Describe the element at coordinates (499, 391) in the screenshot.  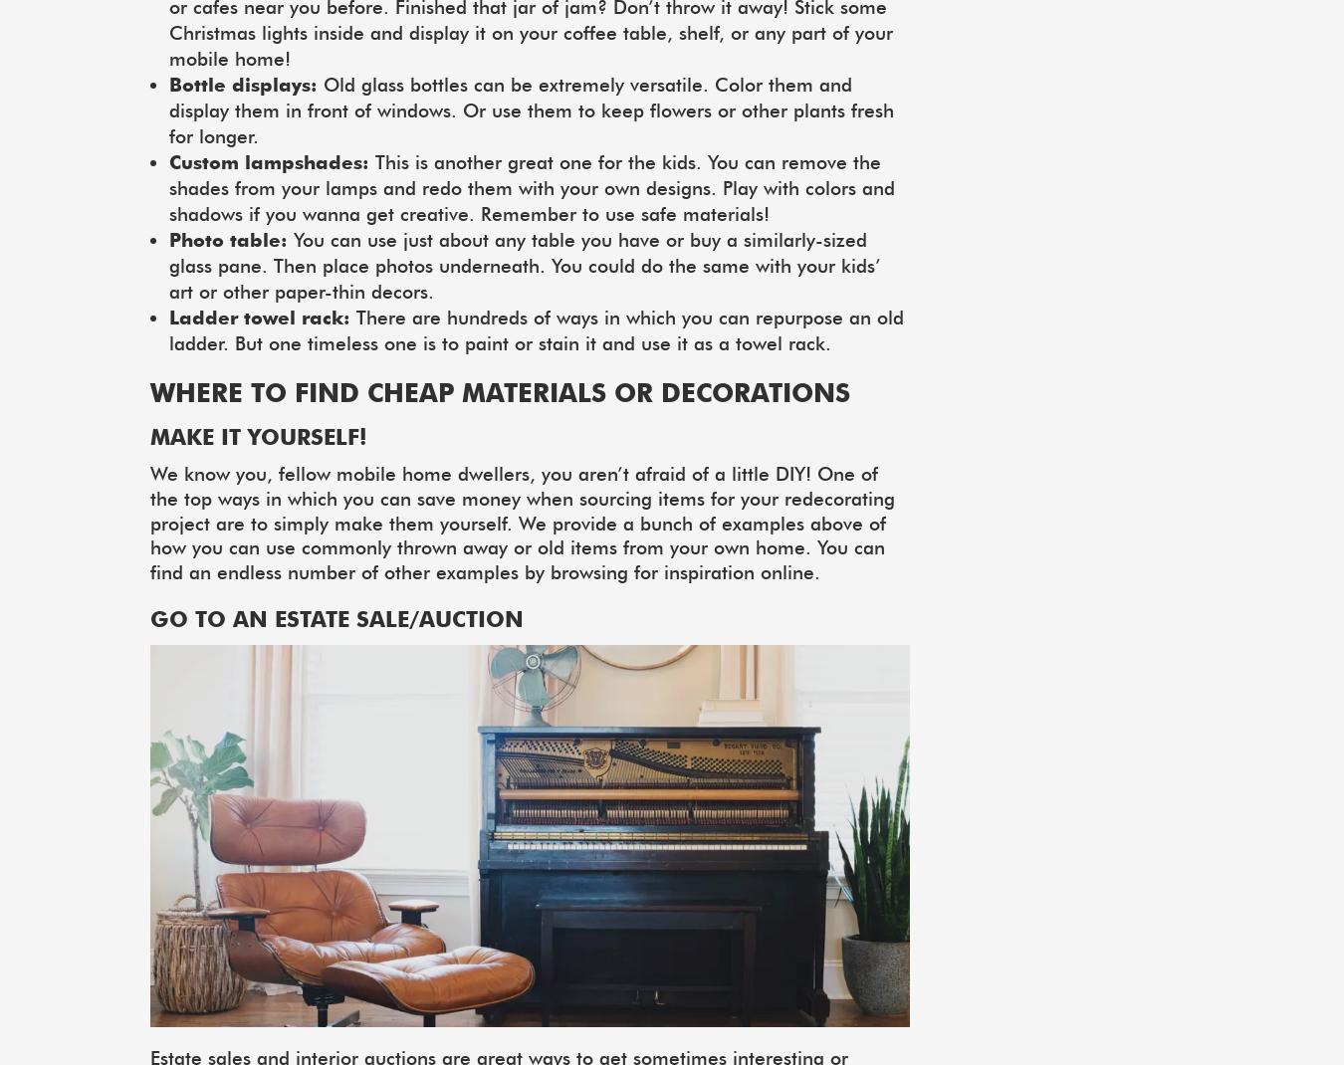
I see `'Where to find cheap materials or decorations'` at that location.